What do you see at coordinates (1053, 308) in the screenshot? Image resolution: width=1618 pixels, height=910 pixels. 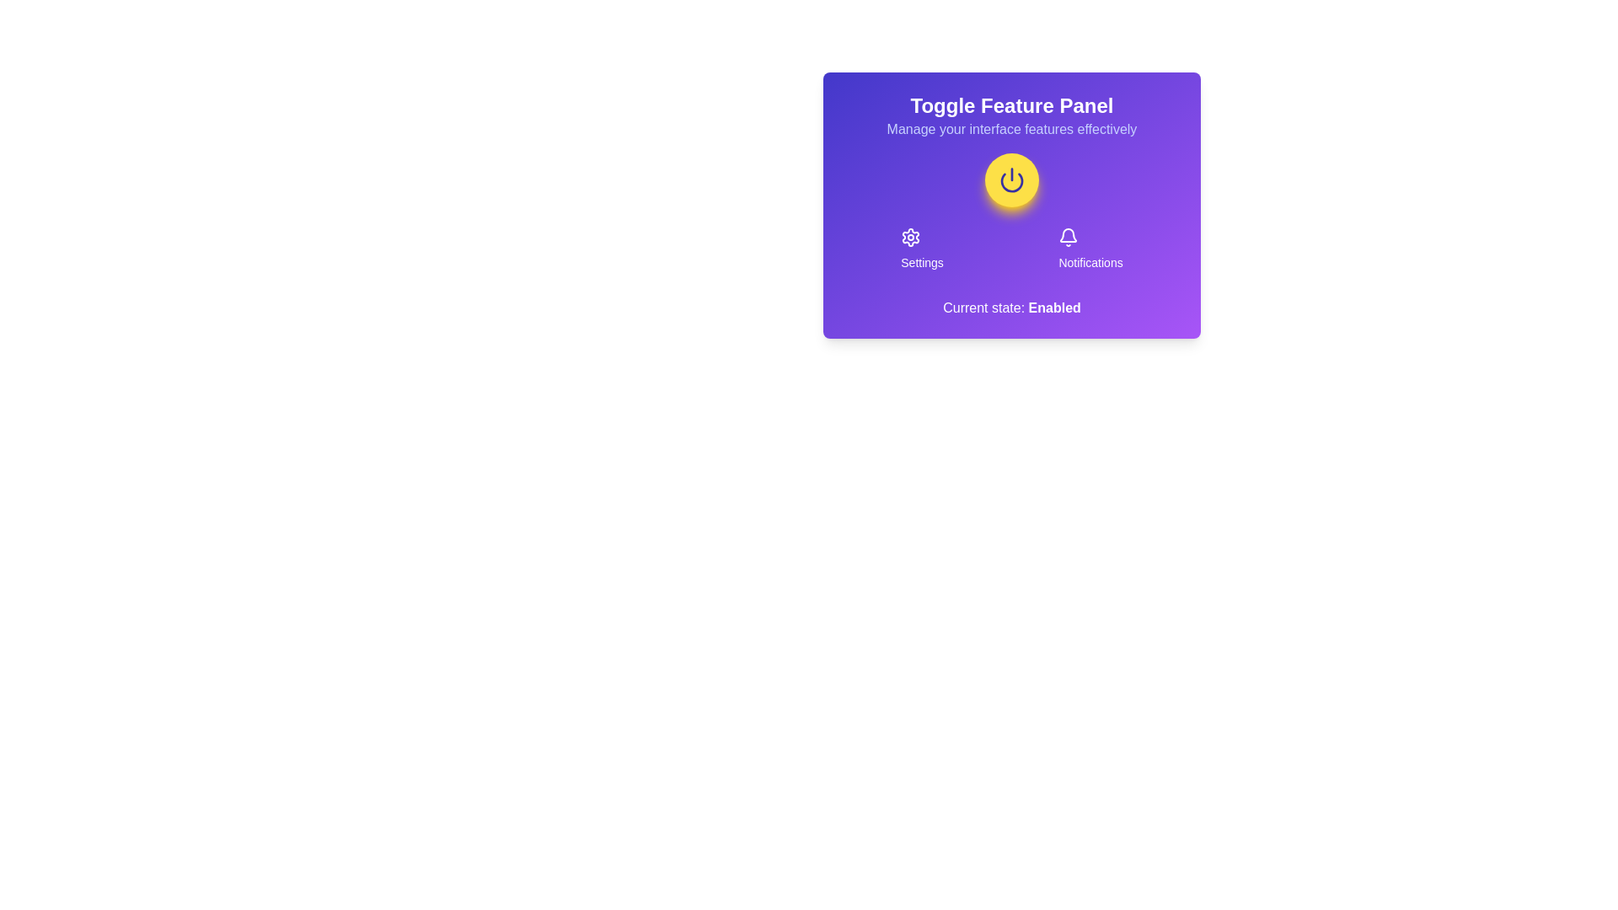 I see `the informational text label that displays 'Enabled' within the string 'Current state: Enabled', located at the bottom-center of the panel` at bounding box center [1053, 308].